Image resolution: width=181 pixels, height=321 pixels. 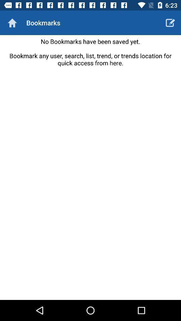 What do you see at coordinates (12, 23) in the screenshot?
I see `homepage` at bounding box center [12, 23].